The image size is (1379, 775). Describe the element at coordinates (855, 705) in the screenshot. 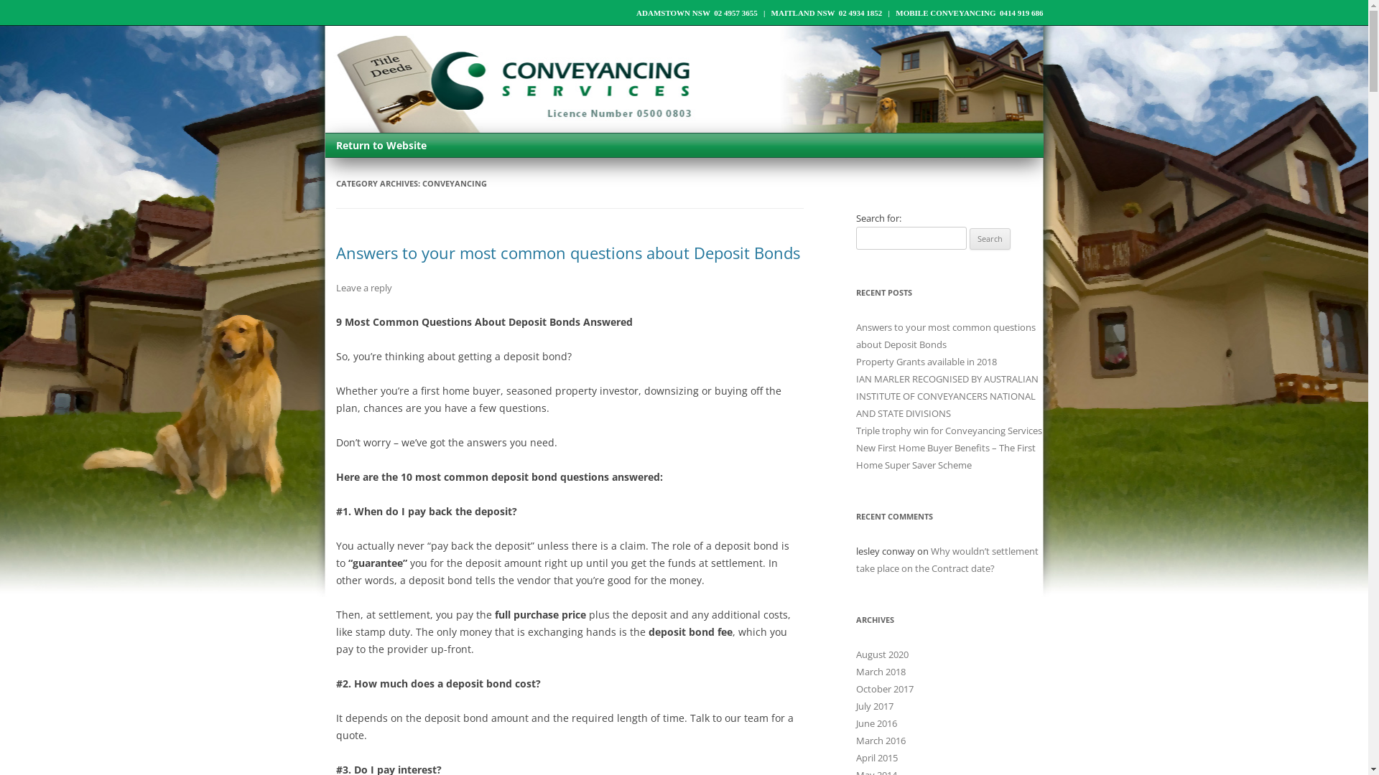

I see `'July 2017'` at that location.